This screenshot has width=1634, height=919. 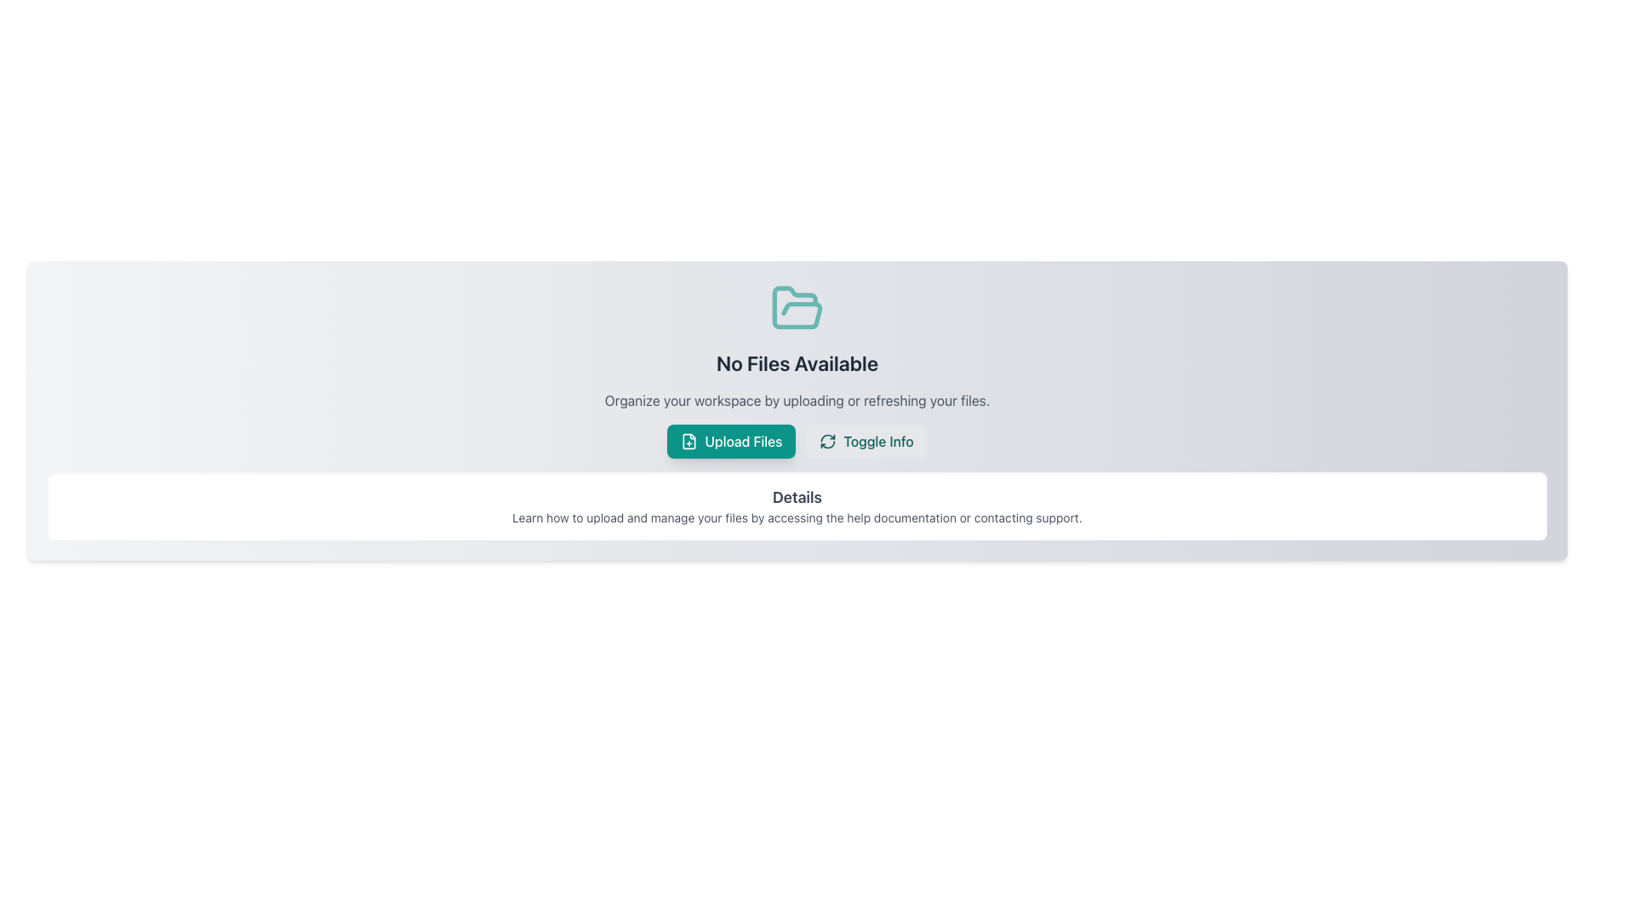 I want to click on the refresh icon, which consists of two curved arrows forming a circular pattern, styled with a green stroke, located within the 'Toggle Info' button, so click(x=828, y=441).